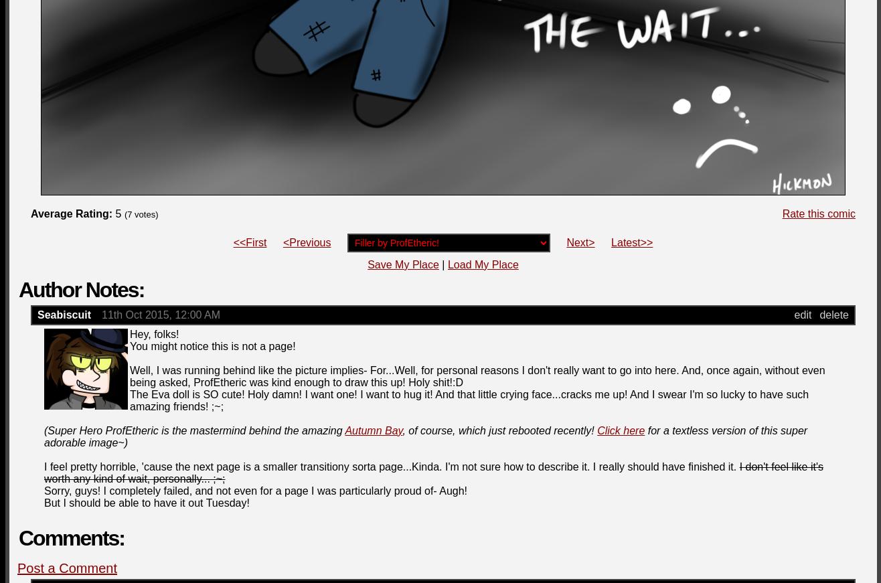  I want to click on '<Previous', so click(306, 242).